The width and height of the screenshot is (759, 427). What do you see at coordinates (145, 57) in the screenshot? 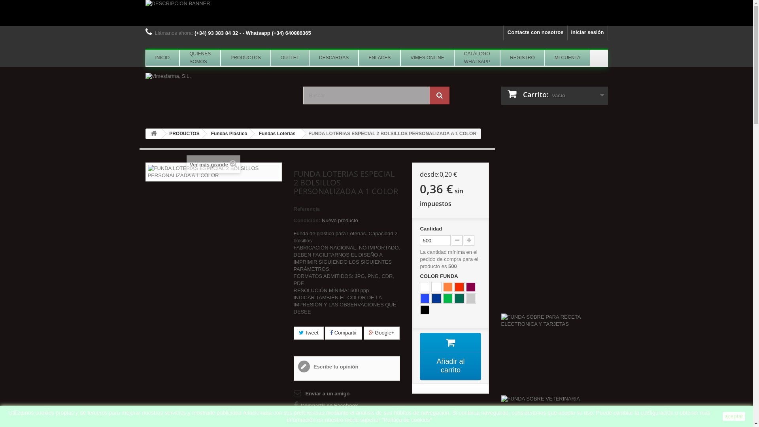
I see `'INICIO'` at bounding box center [145, 57].